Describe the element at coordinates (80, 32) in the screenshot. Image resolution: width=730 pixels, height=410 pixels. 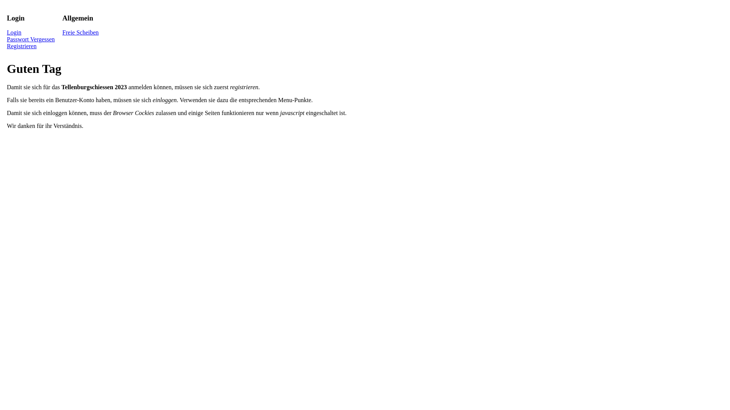
I see `'Freie Scheiben'` at that location.